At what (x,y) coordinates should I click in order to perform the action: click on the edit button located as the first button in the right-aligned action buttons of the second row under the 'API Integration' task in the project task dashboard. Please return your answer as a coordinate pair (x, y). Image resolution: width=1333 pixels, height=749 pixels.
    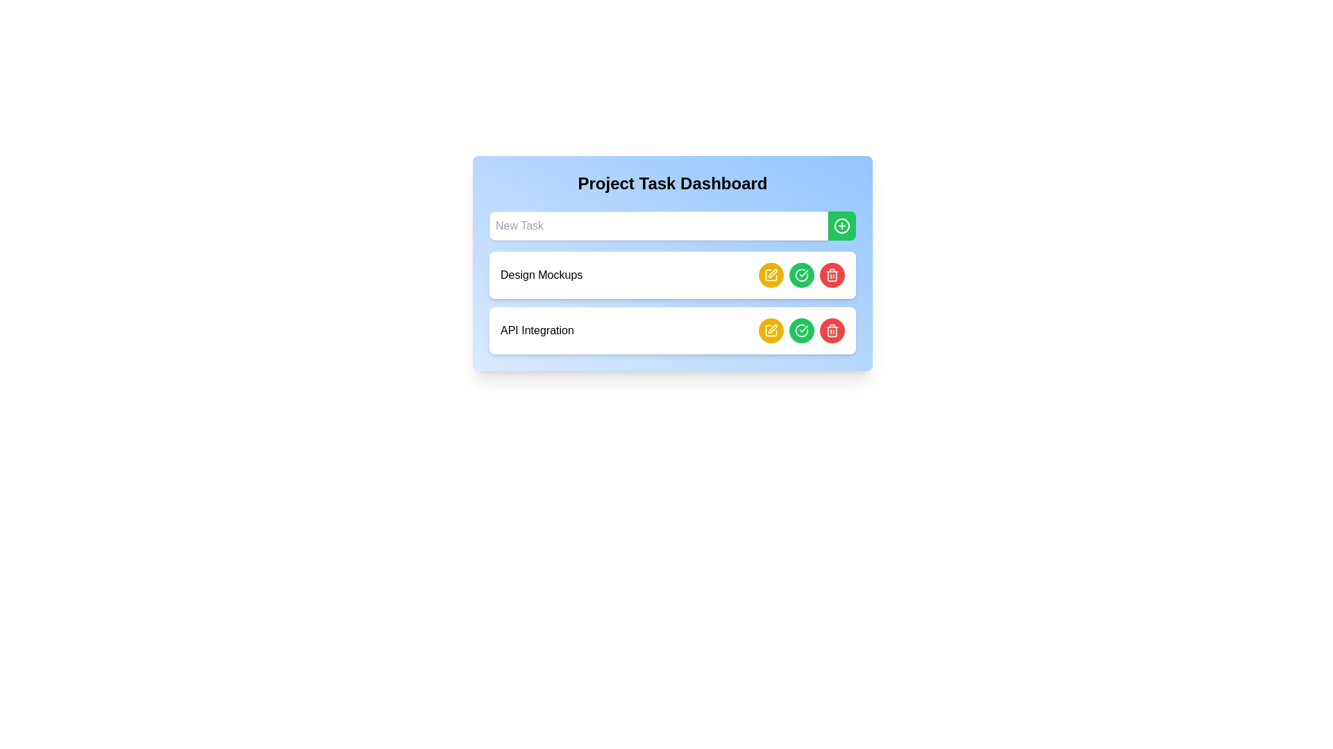
    Looking at the image, I should click on (770, 331).